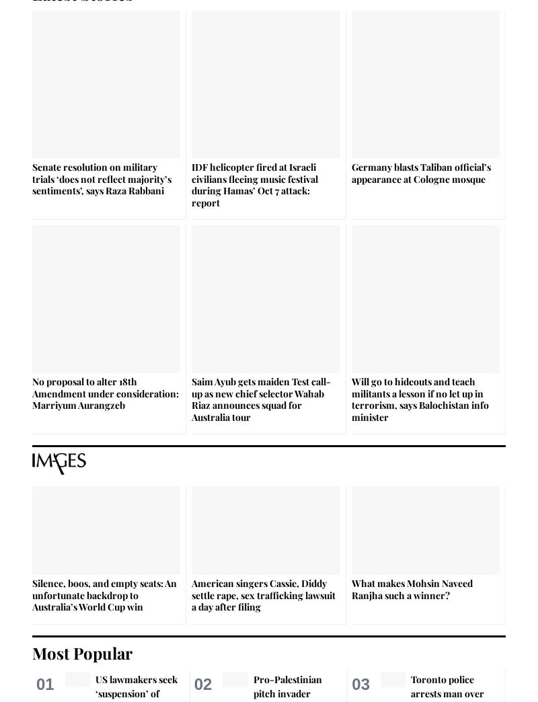 The width and height of the screenshot is (538, 702). Describe the element at coordinates (104, 594) in the screenshot. I see `'Silence, boos, and empty seats: An unfortunate backdrop to Australia’s World Cup win'` at that location.